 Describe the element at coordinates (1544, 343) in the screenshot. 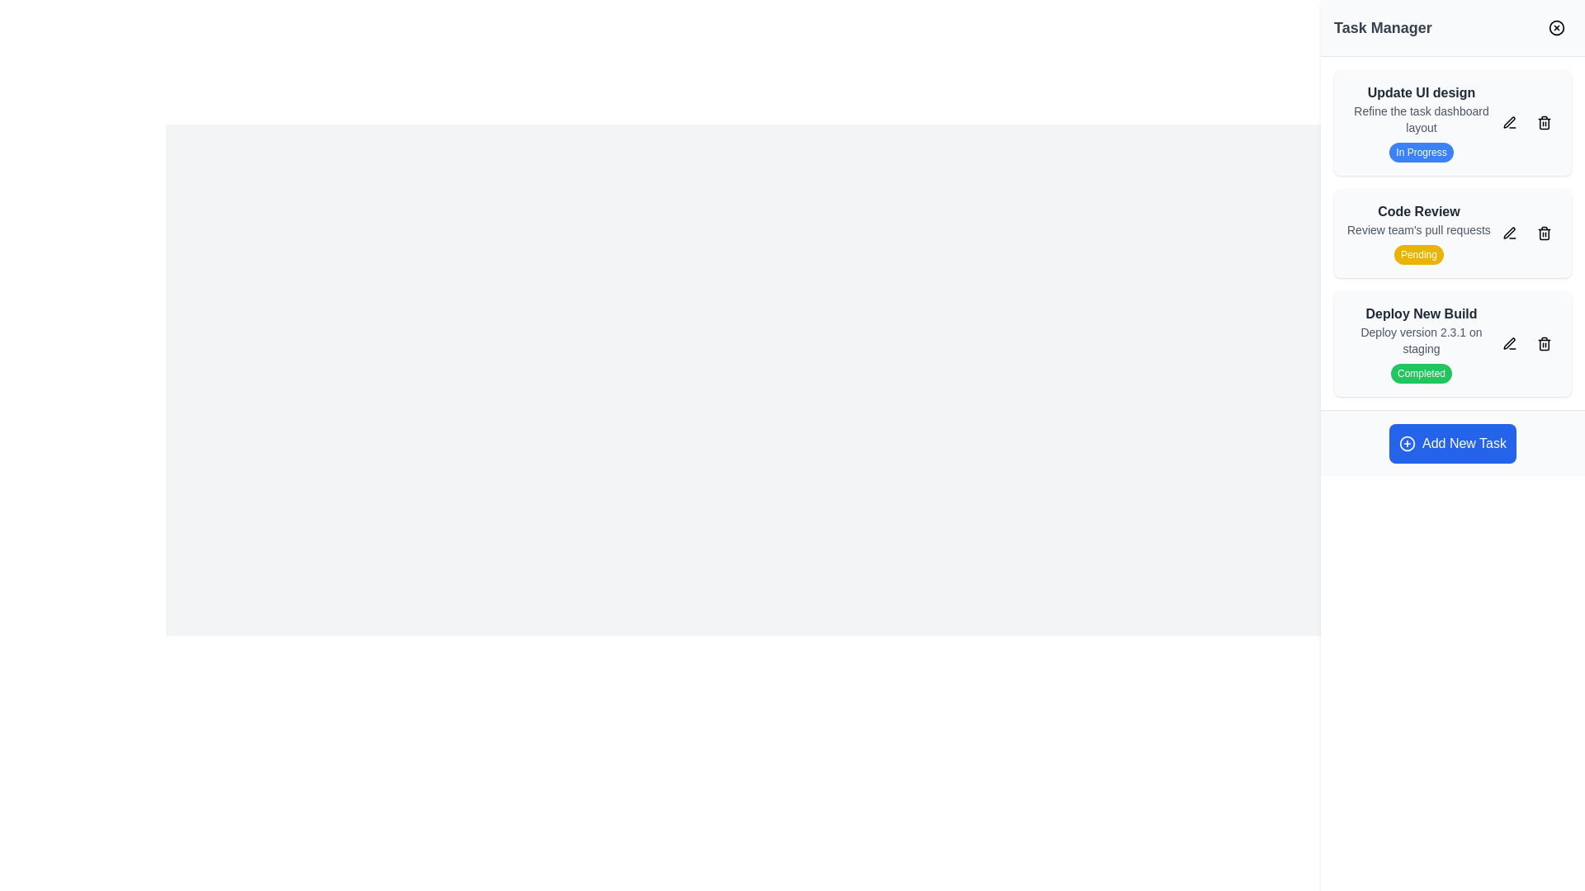

I see `the main body of the trash bin icon in the 'Deploy New Build' task panel, which is represented as a rectangular vector graphic with rounded edges` at that location.